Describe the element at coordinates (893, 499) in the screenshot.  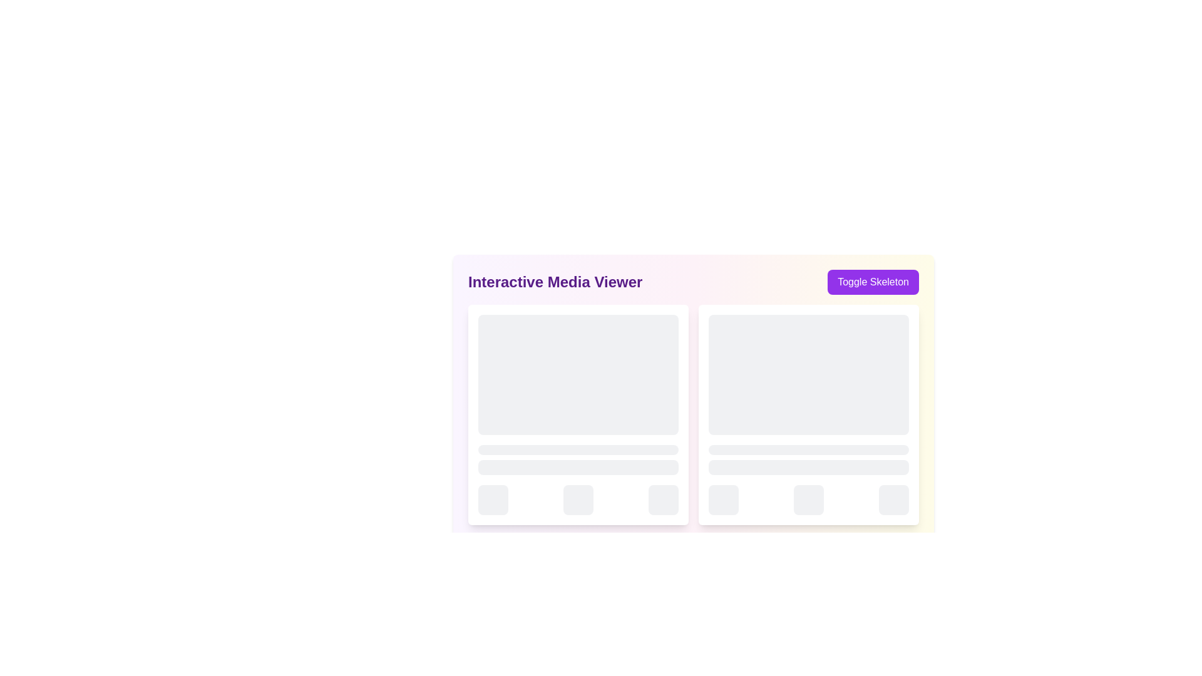
I see `the rightmost square button-like component with rounded corners and a light gray background` at that location.